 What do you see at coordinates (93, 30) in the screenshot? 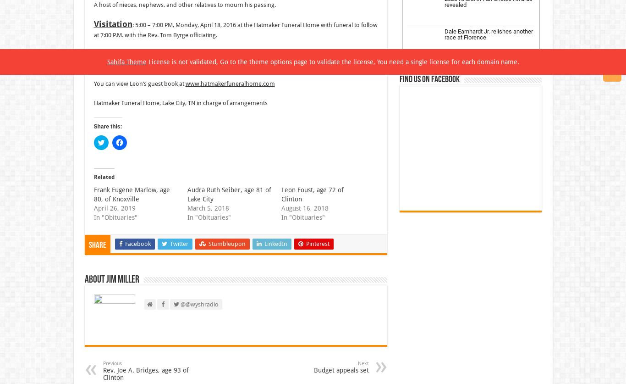
I see `': 5:00 – 7:00 PM, Monday, April 18, 2016 at the Hatmaker Funeral Home with funeral to follow at 7:00 P.M. with the Rev. Tom Byrge officiating.'` at bounding box center [93, 30].